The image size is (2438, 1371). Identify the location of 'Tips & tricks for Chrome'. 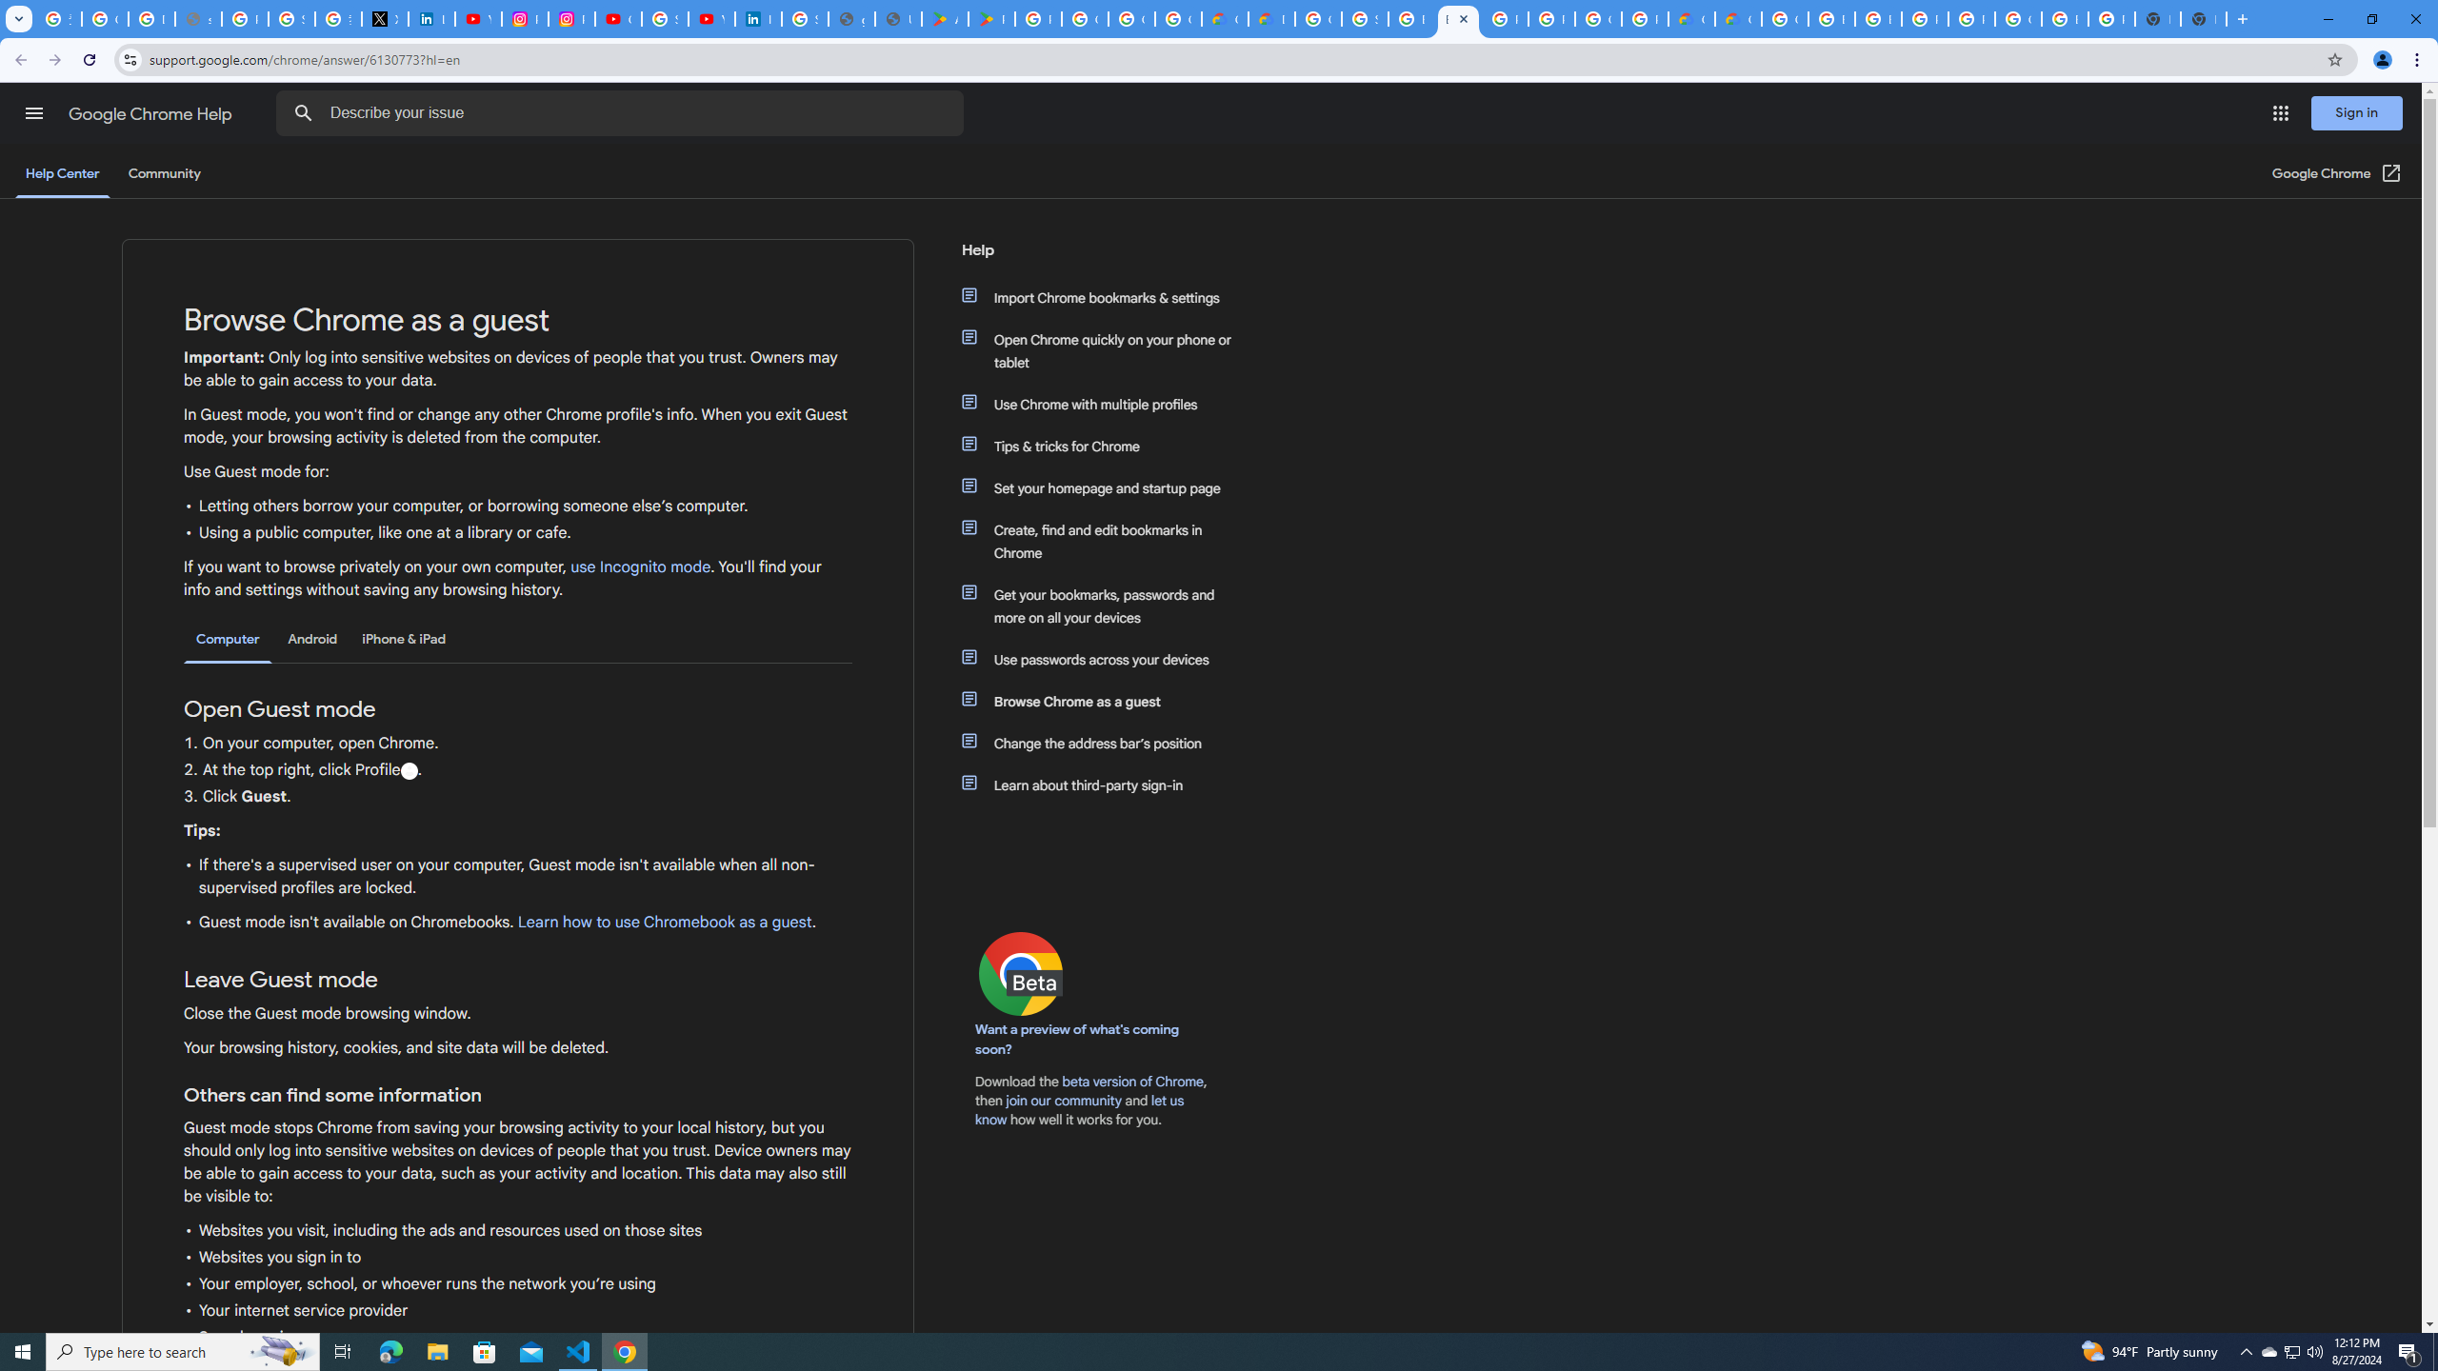
(1107, 445).